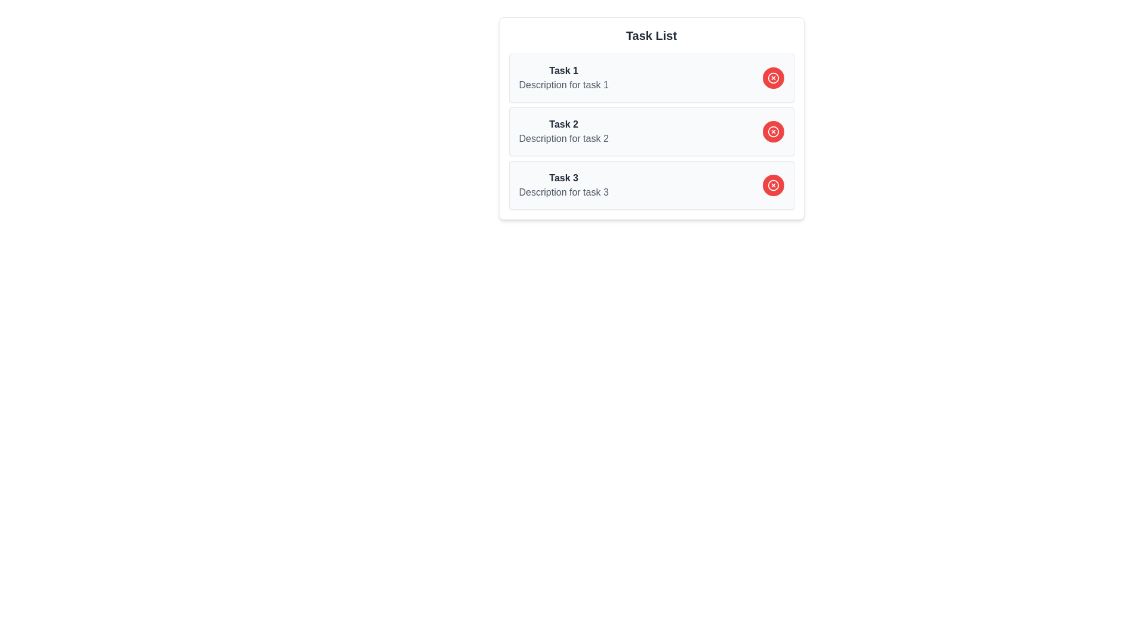 This screenshot has width=1146, height=644. What do you see at coordinates (773, 131) in the screenshot?
I see `the button located on the right side of the block labeled 'Task 2' in the task list` at bounding box center [773, 131].